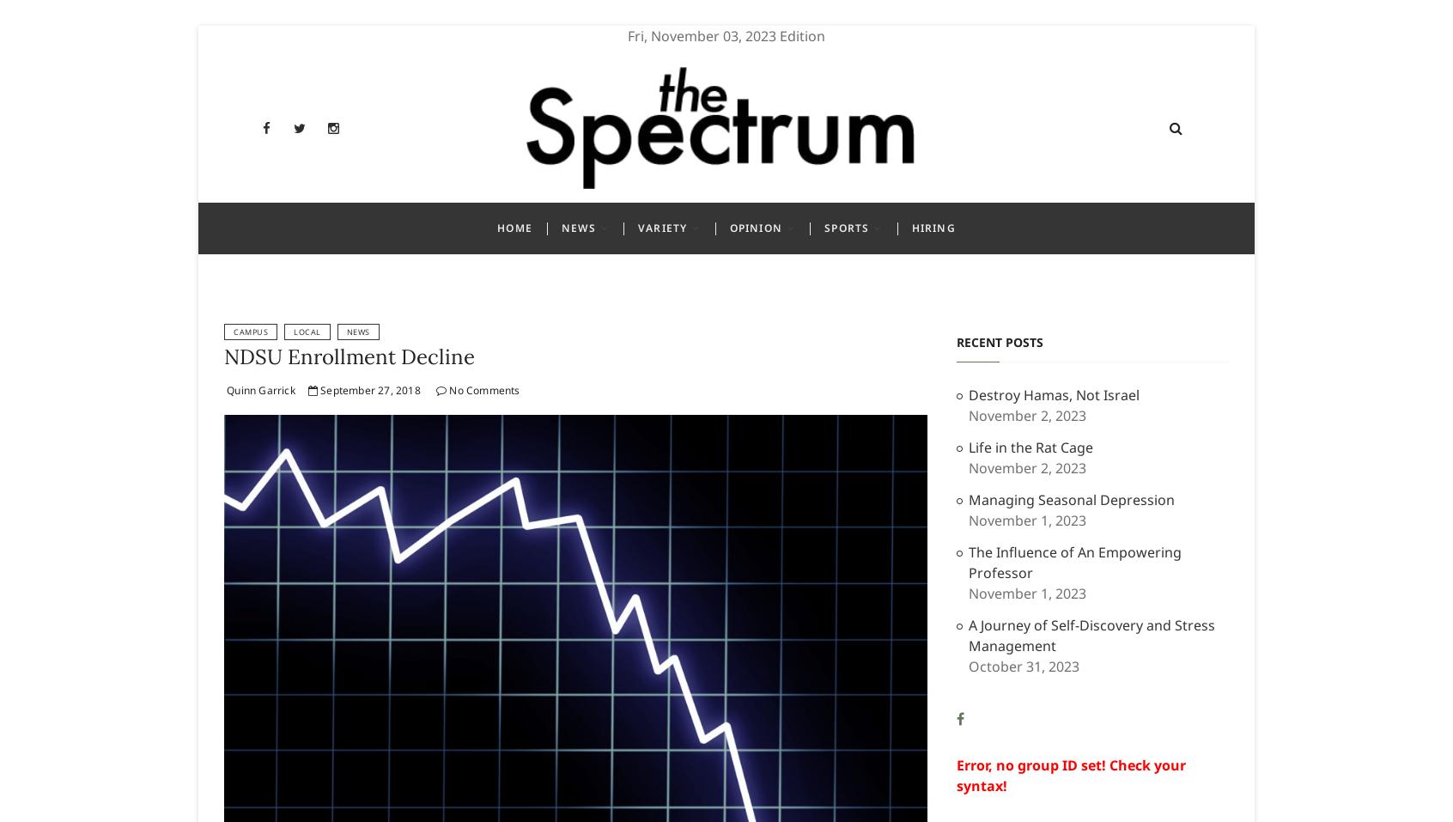 The height and width of the screenshot is (822, 1453). Describe the element at coordinates (969, 447) in the screenshot. I see `'Life in the Rat Cage'` at that location.